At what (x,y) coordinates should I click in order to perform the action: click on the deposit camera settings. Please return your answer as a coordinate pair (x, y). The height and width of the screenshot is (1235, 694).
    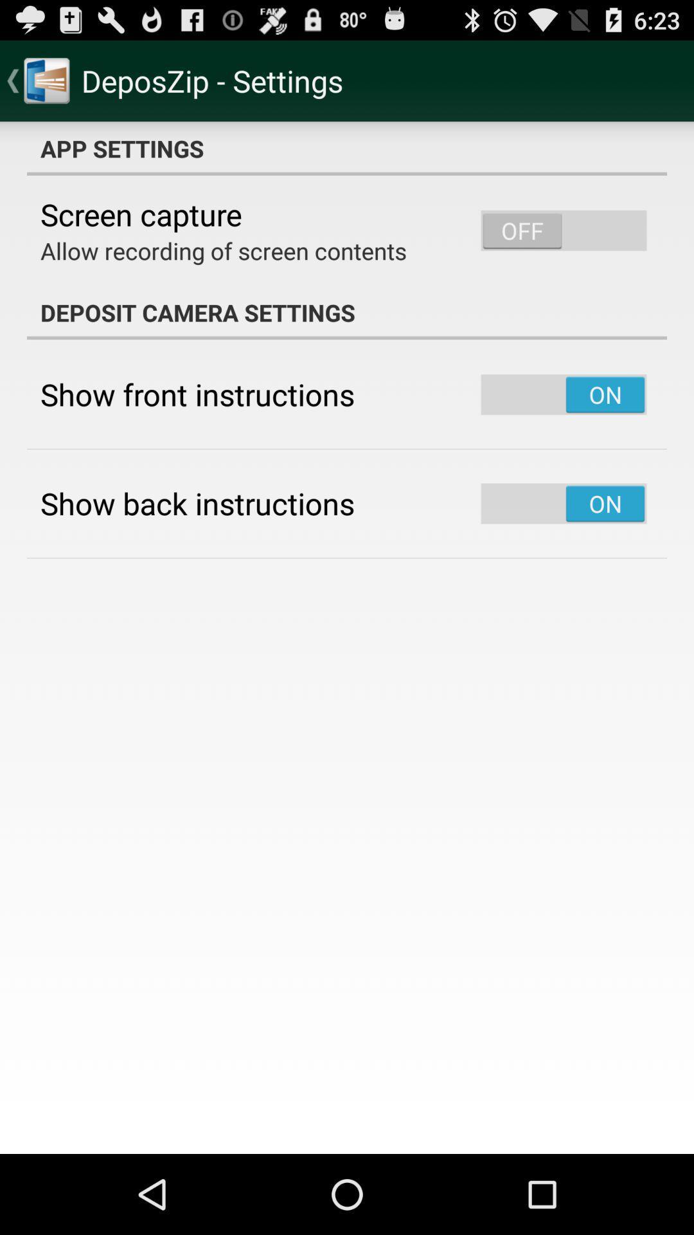
    Looking at the image, I should click on (347, 312).